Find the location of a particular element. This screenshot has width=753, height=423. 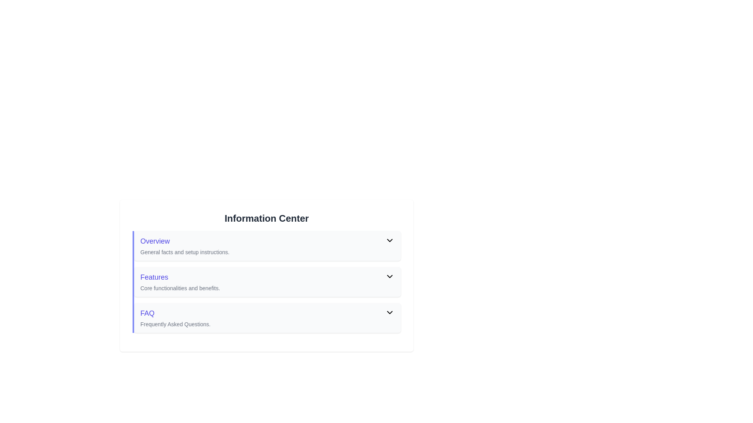

the chevron icon located at the right end of the 'FAQ' accordion section is located at coordinates (389, 312).